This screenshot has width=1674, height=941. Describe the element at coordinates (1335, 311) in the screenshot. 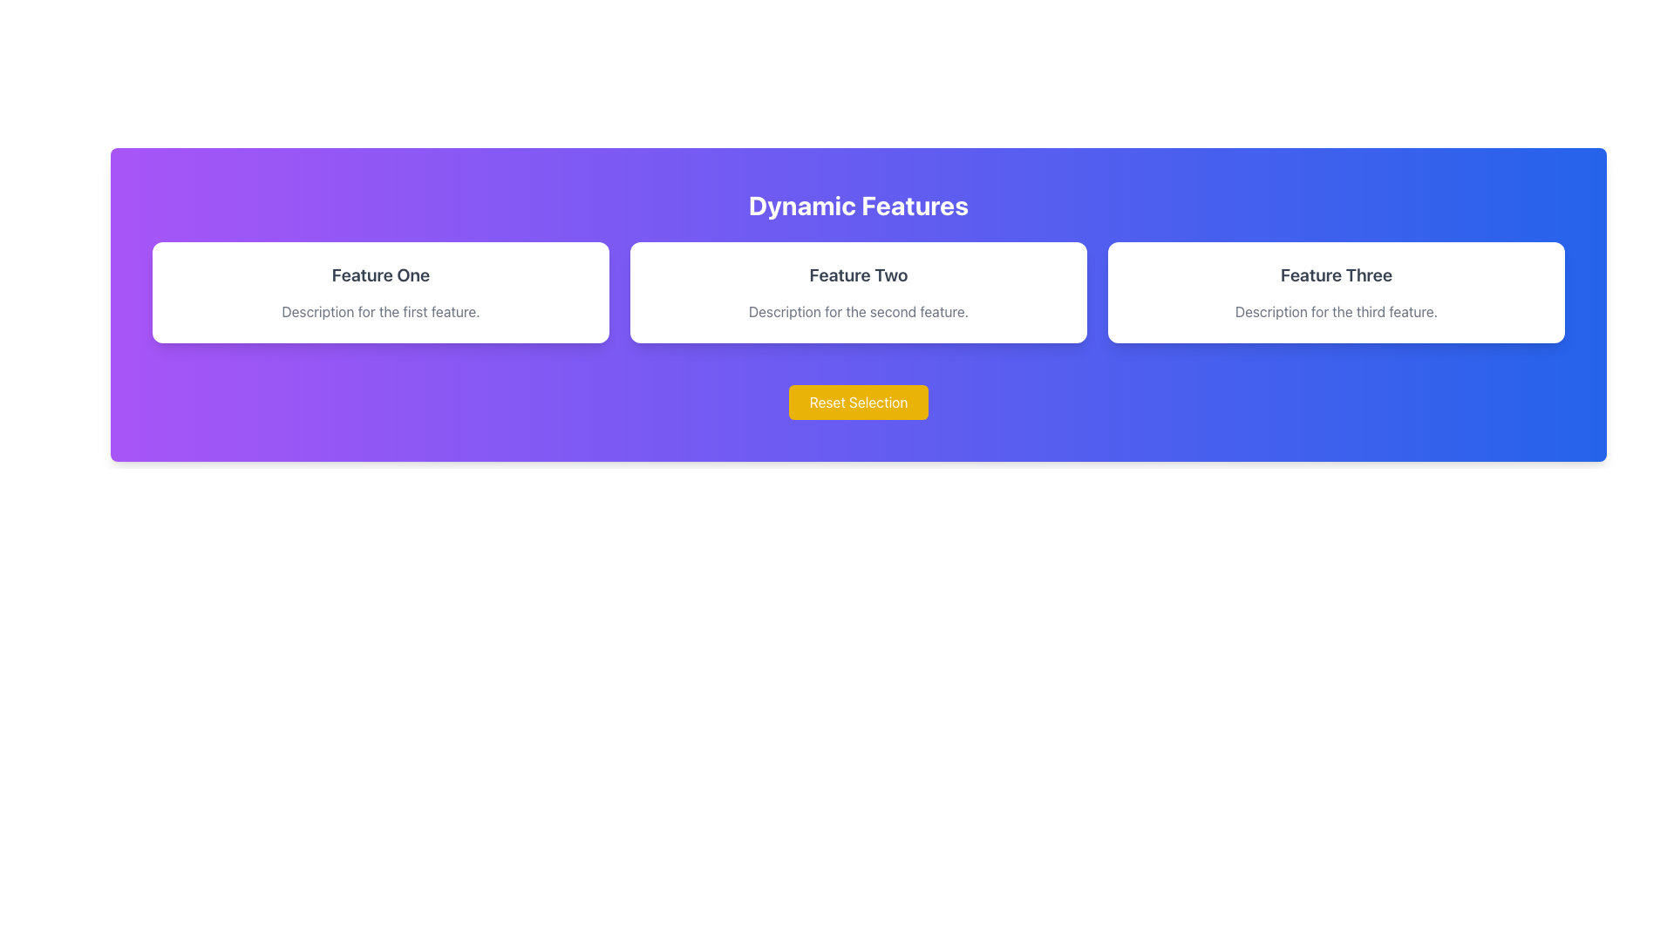

I see `the descriptive text element located below the title 'Feature Three' in the third card of a horizontal row of three cards` at that location.